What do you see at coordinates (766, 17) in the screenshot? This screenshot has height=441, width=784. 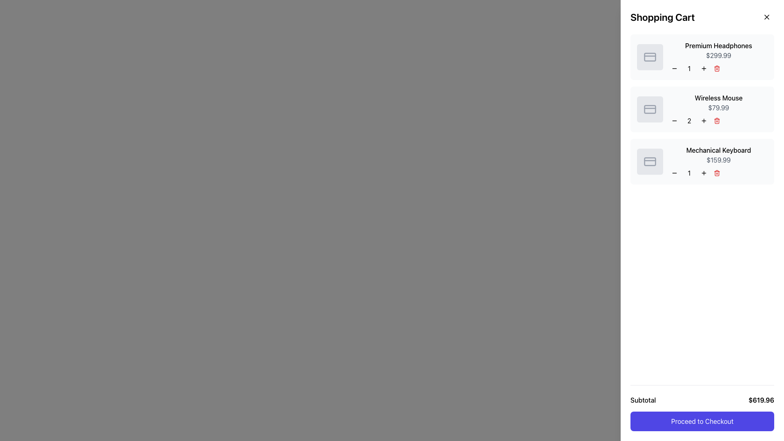 I see `the Close button icon located at the top-right corner of the shopping cart interface, near the title 'Shopping Cart'` at bounding box center [766, 17].